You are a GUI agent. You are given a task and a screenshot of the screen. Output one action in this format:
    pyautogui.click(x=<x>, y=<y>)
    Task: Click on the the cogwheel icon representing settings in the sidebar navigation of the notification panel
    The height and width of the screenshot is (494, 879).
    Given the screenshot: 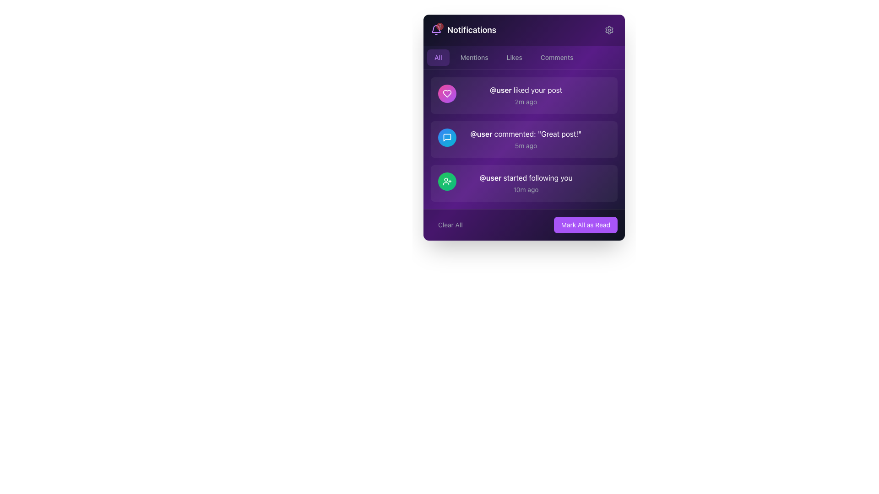 What is the action you would take?
    pyautogui.click(x=609, y=29)
    